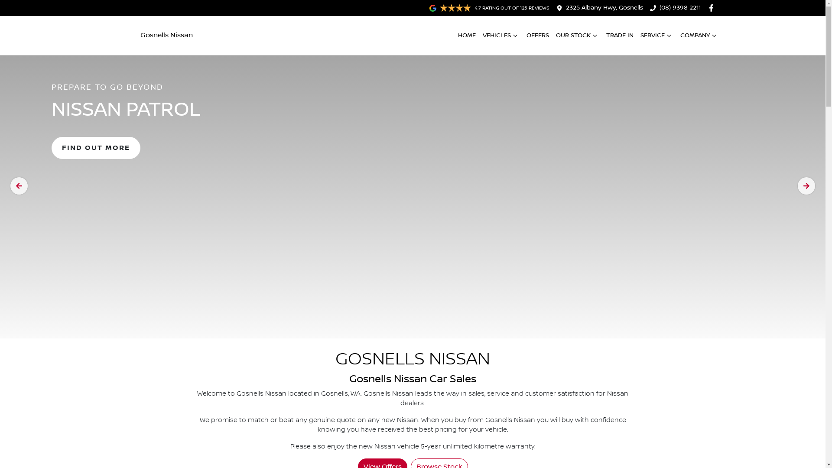 The height and width of the screenshot is (468, 832). What do you see at coordinates (699, 35) in the screenshot?
I see `'COMPANY'` at bounding box center [699, 35].